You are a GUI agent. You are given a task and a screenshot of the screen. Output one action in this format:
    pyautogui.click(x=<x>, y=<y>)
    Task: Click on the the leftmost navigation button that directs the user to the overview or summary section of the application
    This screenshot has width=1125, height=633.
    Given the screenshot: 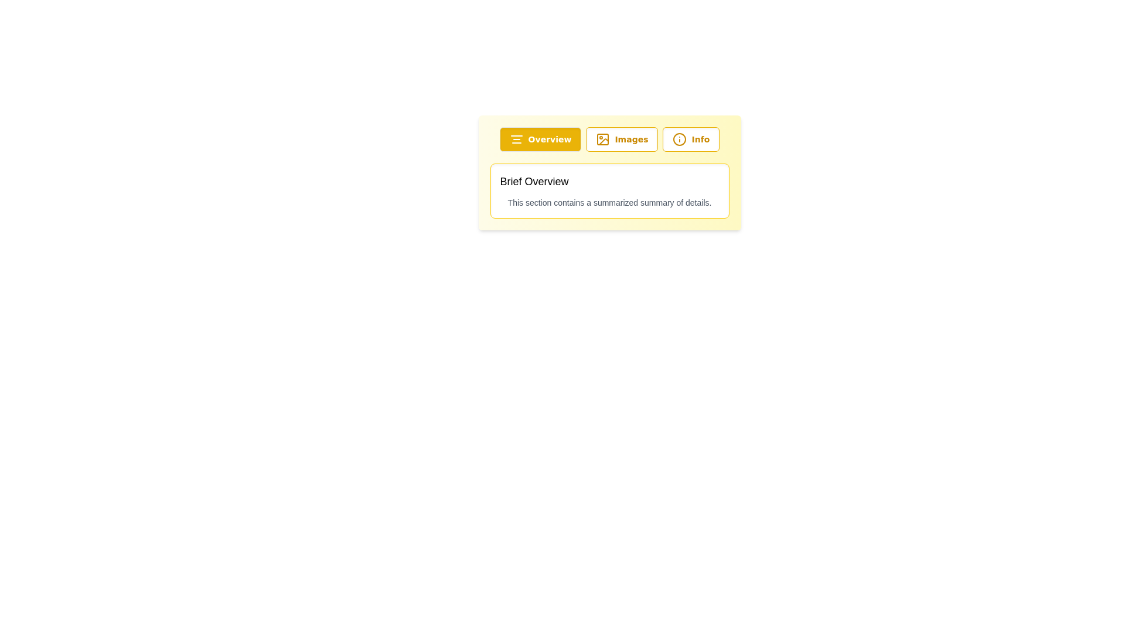 What is the action you would take?
    pyautogui.click(x=540, y=139)
    